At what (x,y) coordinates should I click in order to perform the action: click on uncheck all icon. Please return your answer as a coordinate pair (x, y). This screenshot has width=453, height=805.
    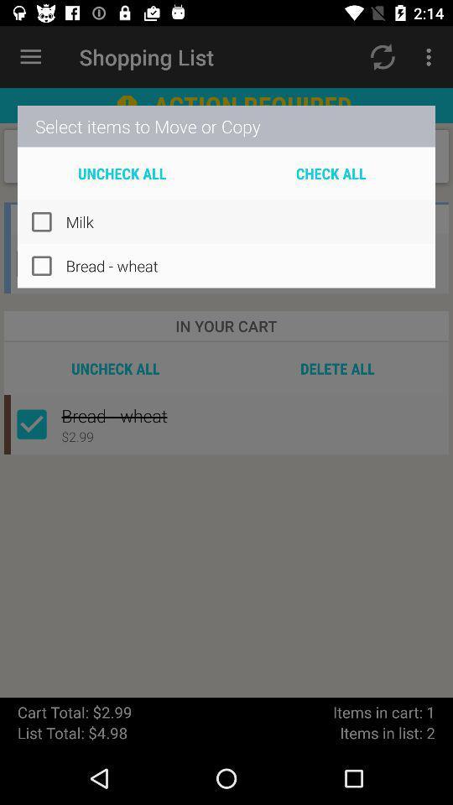
    Looking at the image, I should click on (121, 173).